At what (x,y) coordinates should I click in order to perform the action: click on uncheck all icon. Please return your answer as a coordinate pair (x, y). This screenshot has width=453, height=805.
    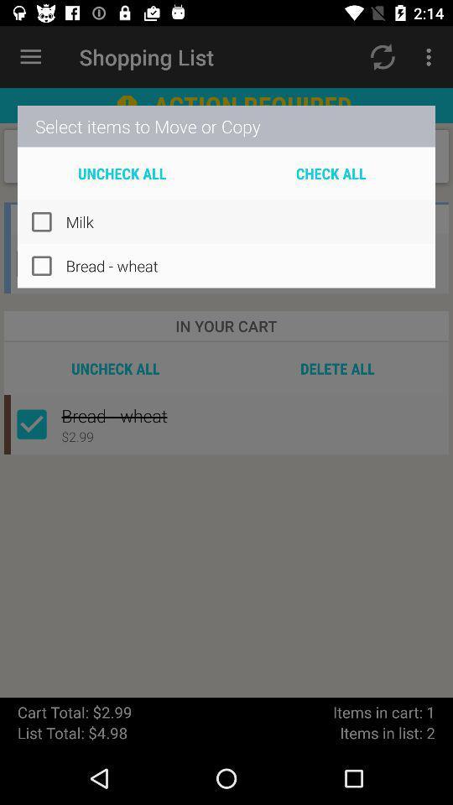
    Looking at the image, I should click on (121, 173).